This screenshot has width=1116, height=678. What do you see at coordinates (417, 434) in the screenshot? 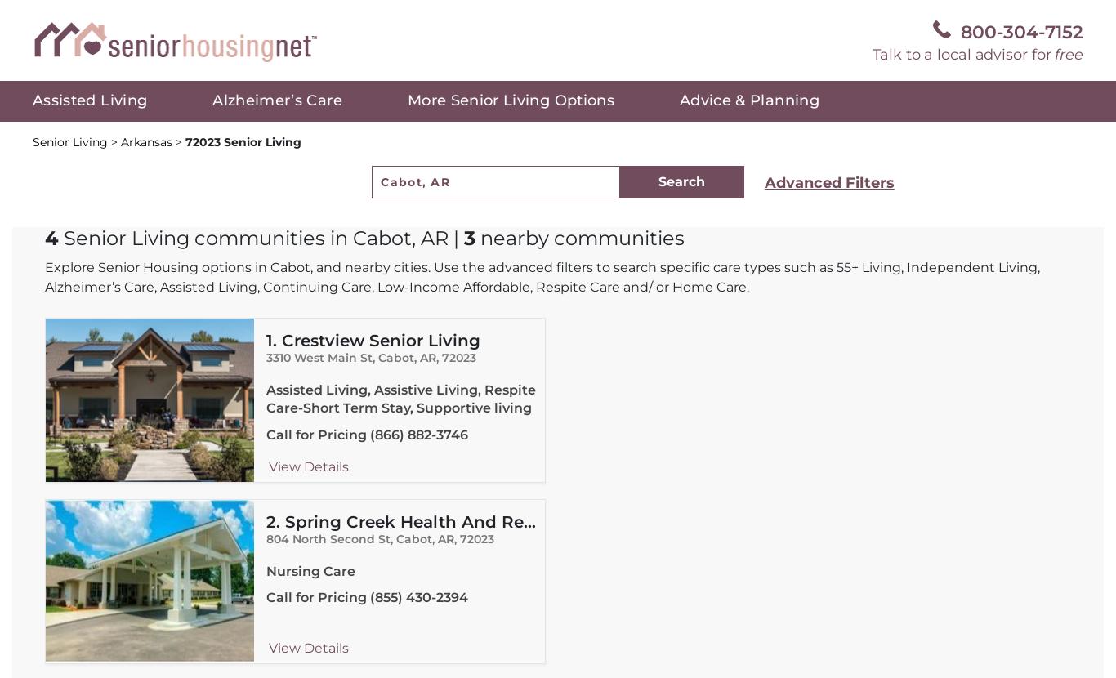
I see `'(866) 882-3746'` at bounding box center [417, 434].